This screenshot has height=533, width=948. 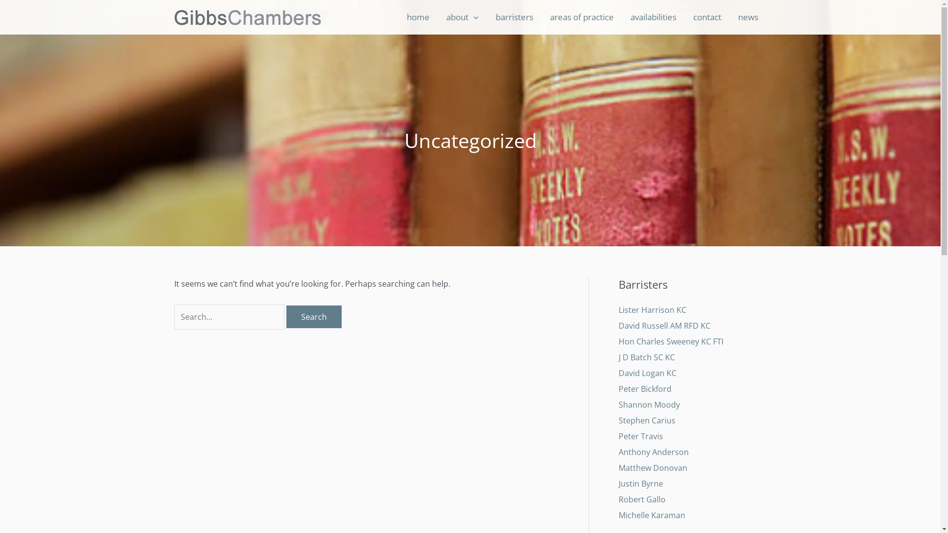 What do you see at coordinates (646, 357) in the screenshot?
I see `'J D Batch SC KC'` at bounding box center [646, 357].